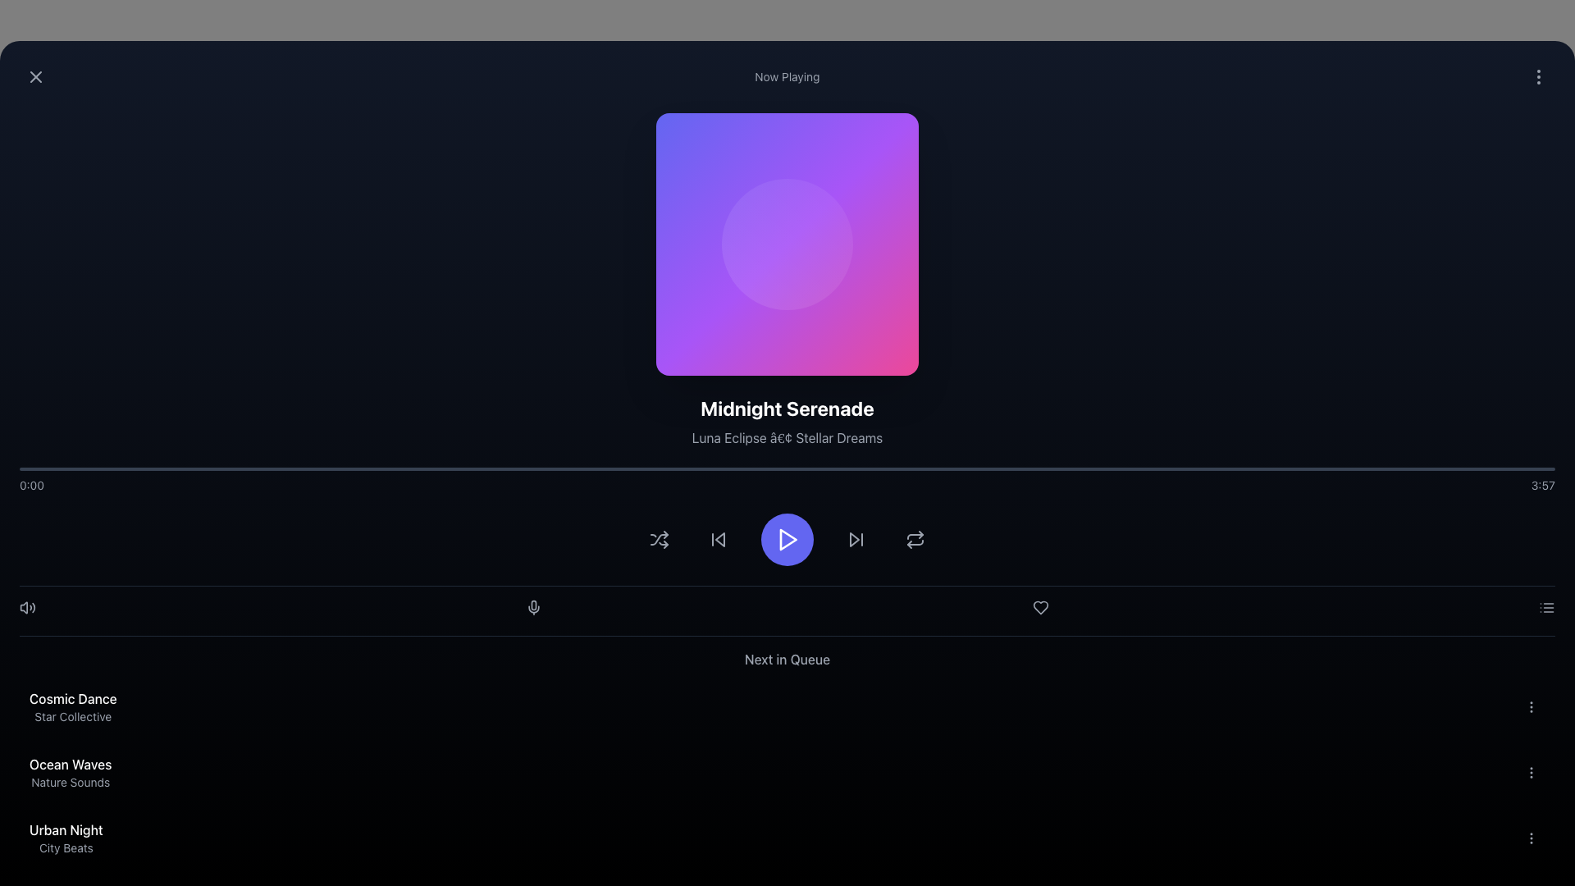  What do you see at coordinates (787, 480) in the screenshot?
I see `the progress bar with time indicators that visually represents the playback progress of the currently playing track` at bounding box center [787, 480].